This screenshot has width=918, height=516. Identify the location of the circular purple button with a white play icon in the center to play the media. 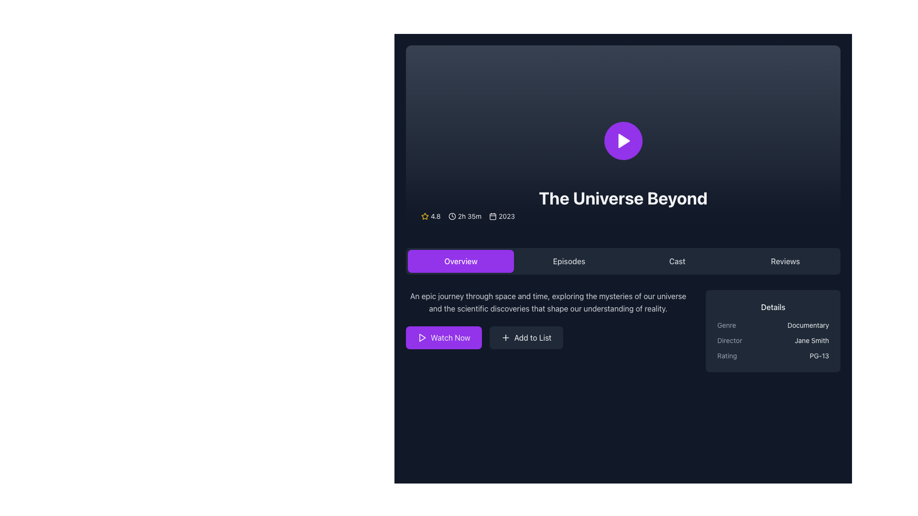
(623, 140).